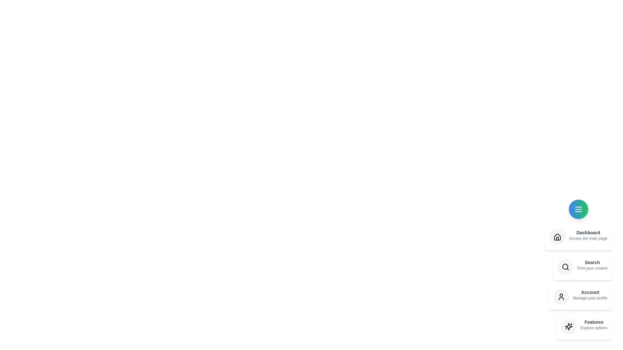  What do you see at coordinates (578, 209) in the screenshot?
I see `the menu button to toggle the speed dial menu` at bounding box center [578, 209].